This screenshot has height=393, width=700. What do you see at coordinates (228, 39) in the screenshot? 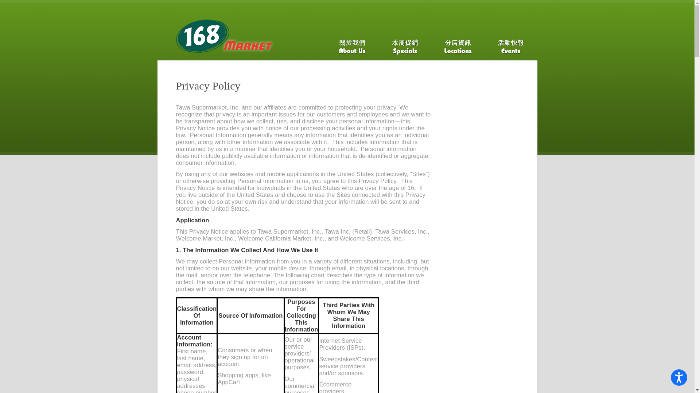
I see `'168 Market'` at bounding box center [228, 39].